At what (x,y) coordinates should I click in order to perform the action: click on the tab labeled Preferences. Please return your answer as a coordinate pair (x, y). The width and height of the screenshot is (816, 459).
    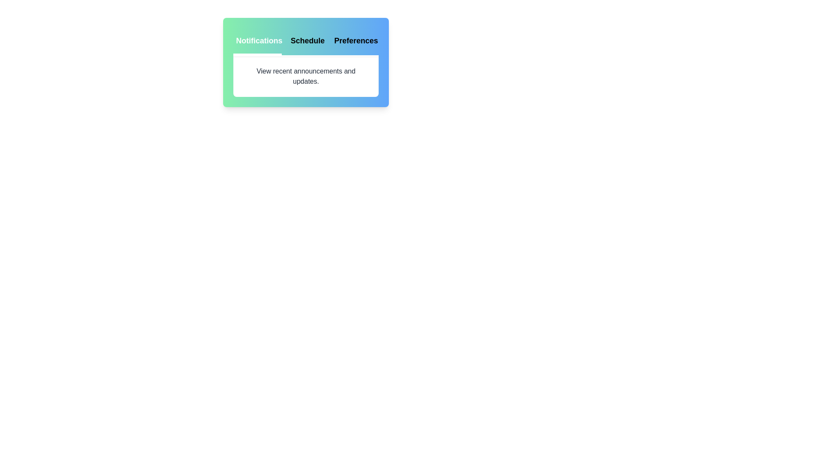
    Looking at the image, I should click on (354, 41).